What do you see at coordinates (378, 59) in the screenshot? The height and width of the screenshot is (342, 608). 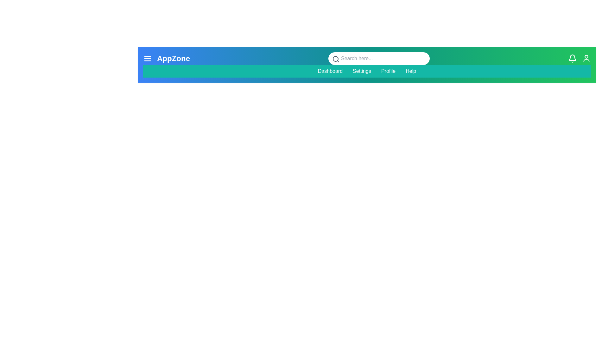 I see `the search input field and type 'example'` at bounding box center [378, 59].